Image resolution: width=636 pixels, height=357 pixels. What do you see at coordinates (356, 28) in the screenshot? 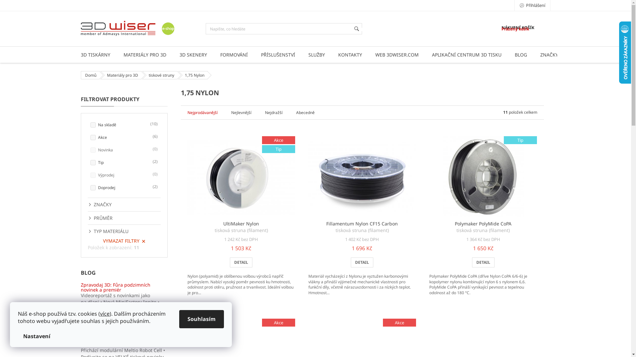
I see `'HLEDAT'` at bounding box center [356, 28].